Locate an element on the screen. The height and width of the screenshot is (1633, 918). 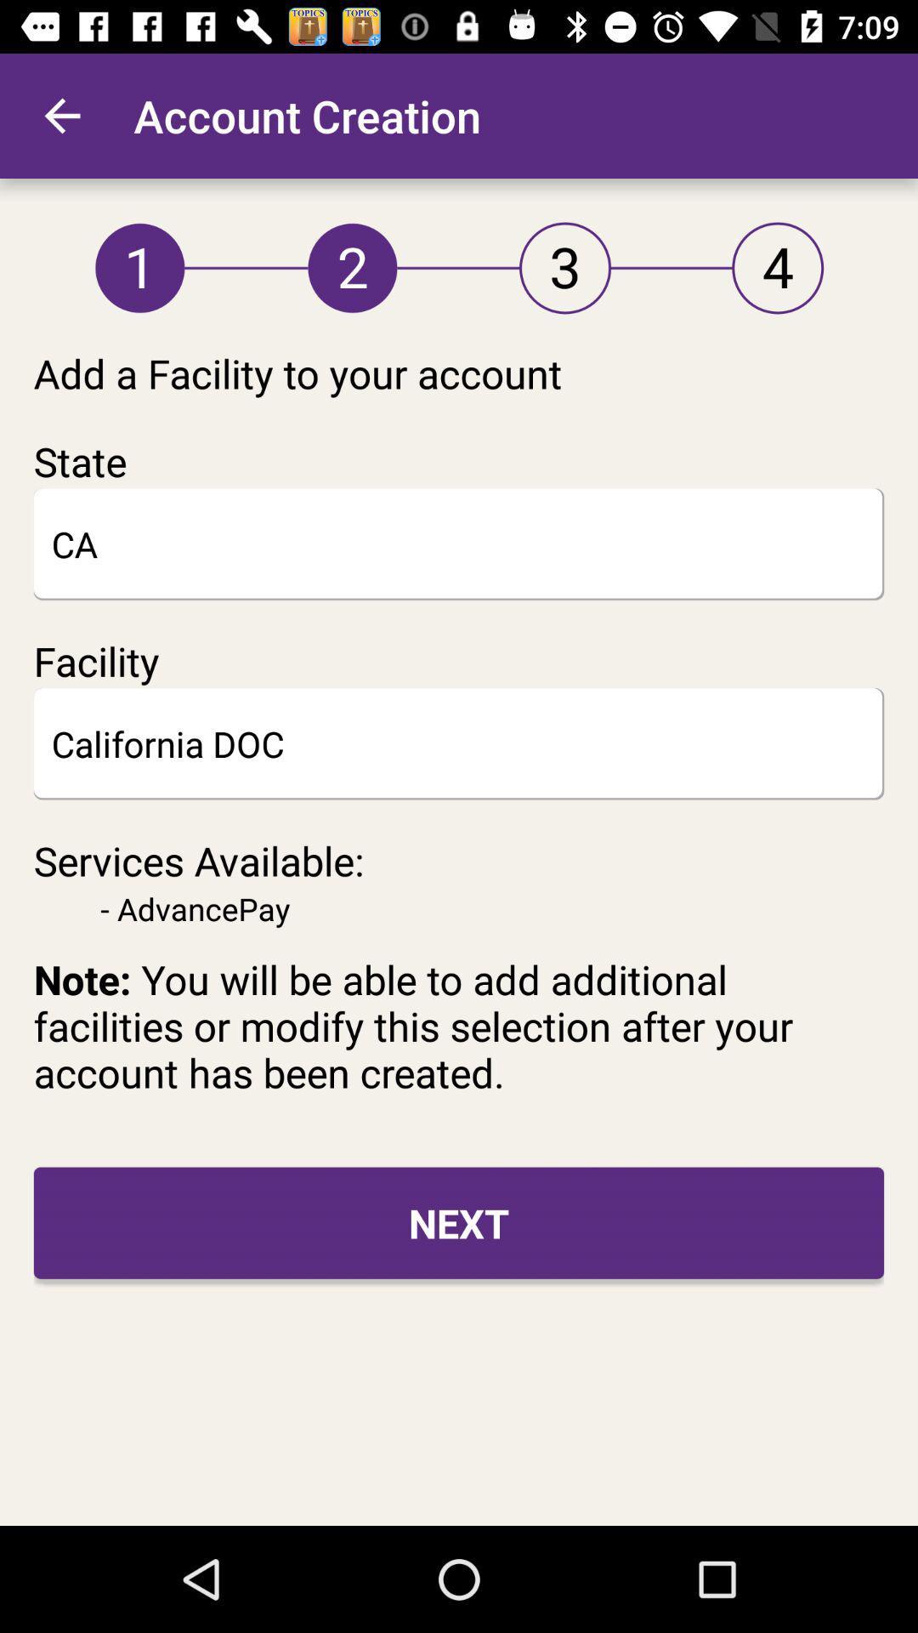
the icon next to account creation item is located at coordinates (61, 115).